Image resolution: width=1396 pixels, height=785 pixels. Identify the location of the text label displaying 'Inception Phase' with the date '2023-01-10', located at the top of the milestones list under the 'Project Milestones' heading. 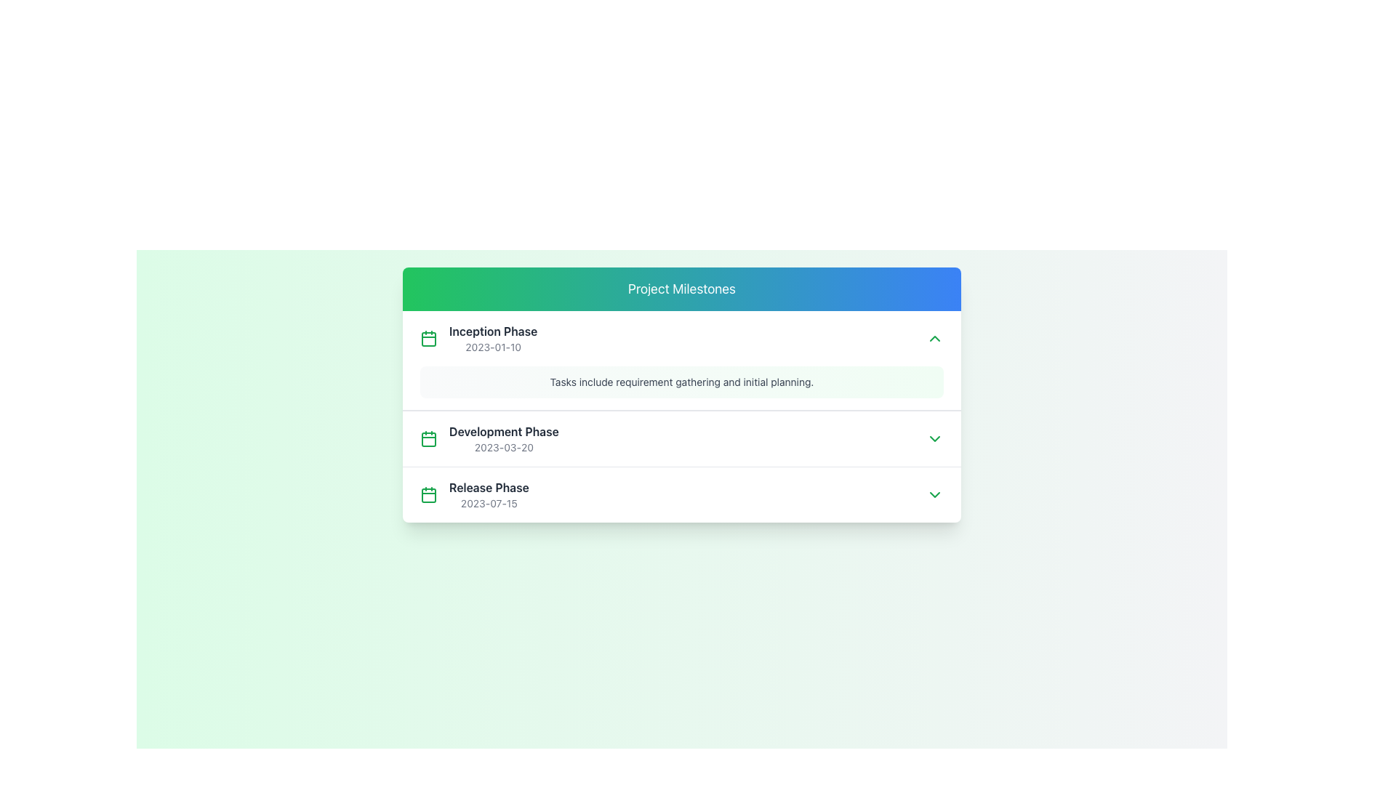
(493, 339).